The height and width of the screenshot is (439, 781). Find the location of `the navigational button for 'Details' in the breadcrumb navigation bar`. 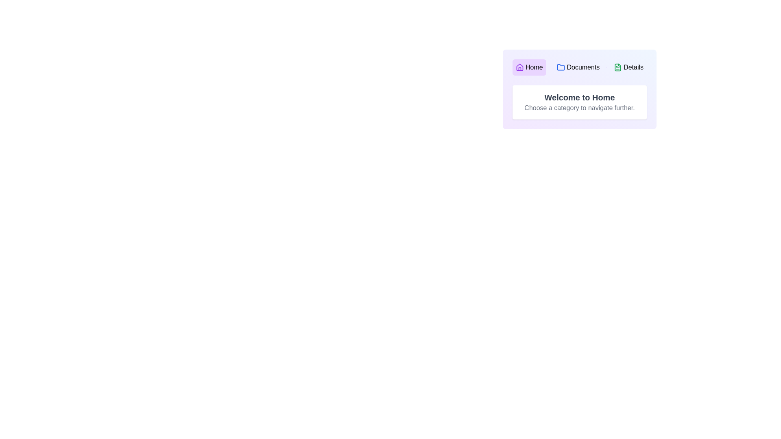

the navigational button for 'Details' in the breadcrumb navigation bar is located at coordinates (628, 67).